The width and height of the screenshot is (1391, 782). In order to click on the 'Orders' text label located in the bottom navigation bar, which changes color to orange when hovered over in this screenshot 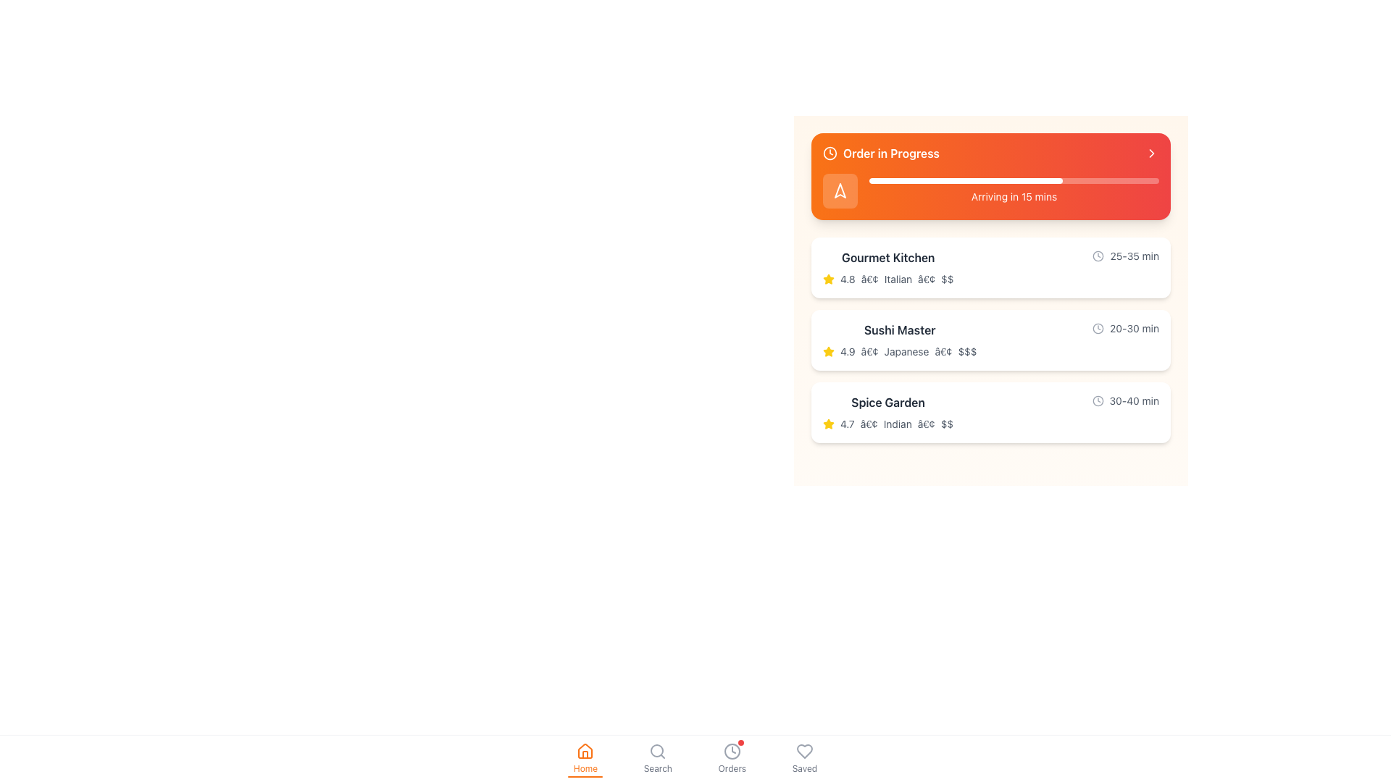, I will do `click(732, 768)`.